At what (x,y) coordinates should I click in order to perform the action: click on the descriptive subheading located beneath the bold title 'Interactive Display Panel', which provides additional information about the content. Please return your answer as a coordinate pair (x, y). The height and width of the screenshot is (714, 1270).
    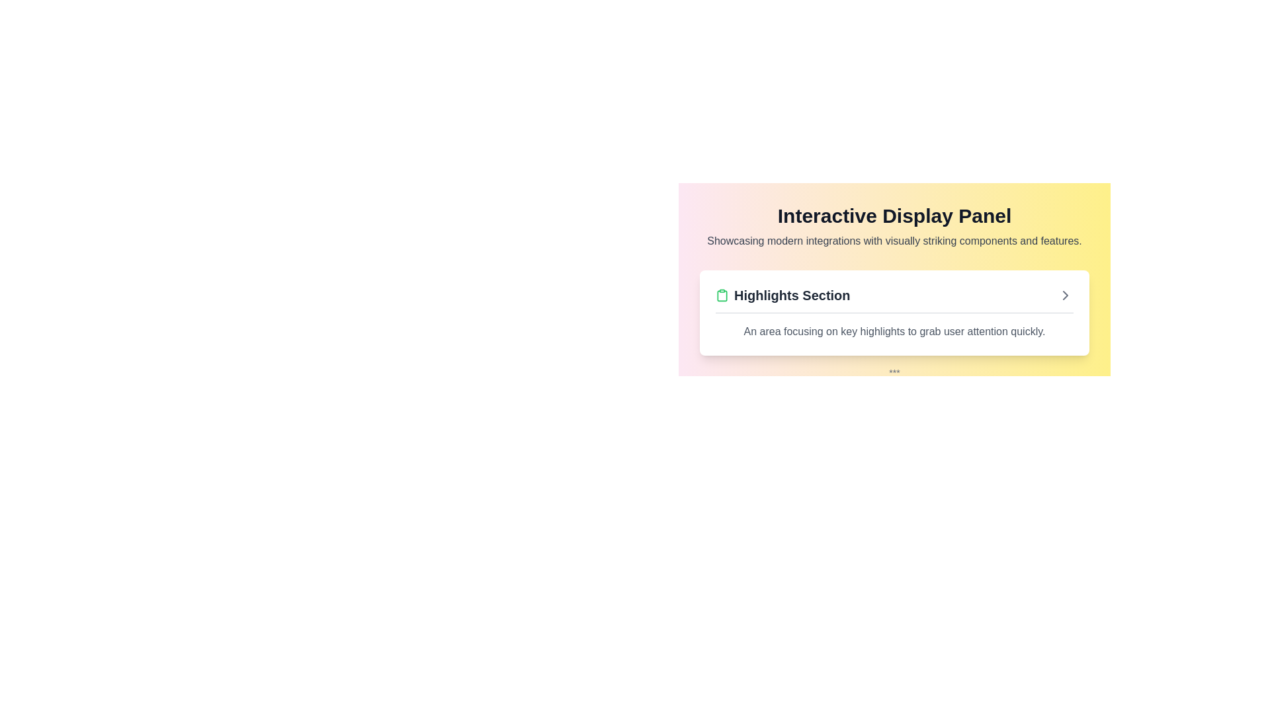
    Looking at the image, I should click on (894, 241).